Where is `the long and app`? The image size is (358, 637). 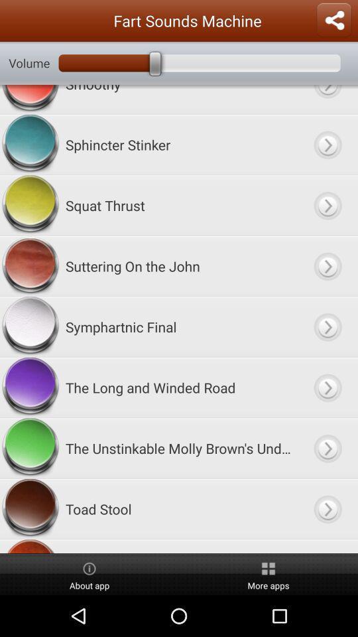 the long and app is located at coordinates (178, 388).